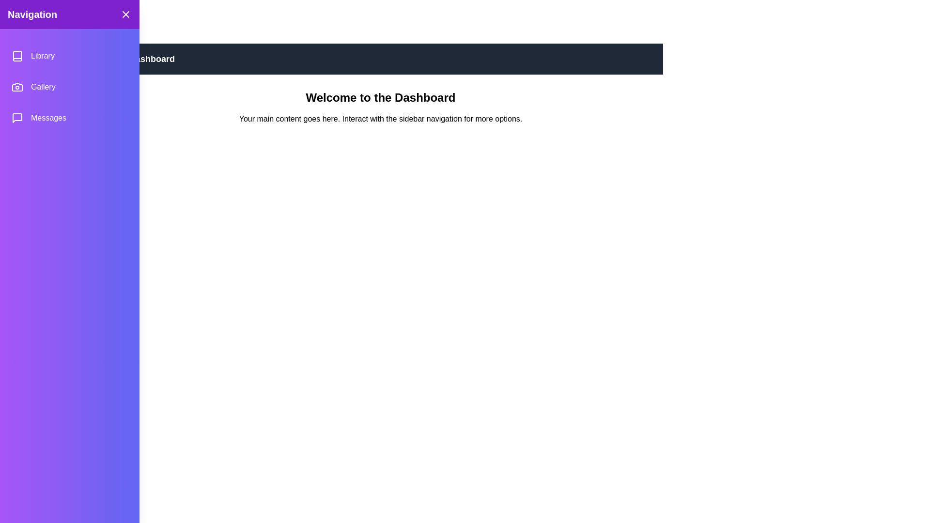 The height and width of the screenshot is (523, 930). Describe the element at coordinates (380, 97) in the screenshot. I see `heading text that welcomes users to the application dashboard, located in the upper-middle section of the main content area, centered horizontally under the navigation header` at that location.